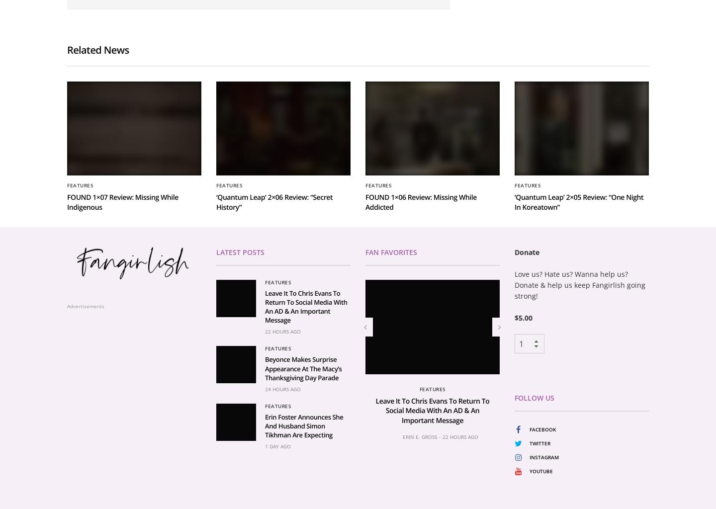 This screenshot has width=716, height=509. What do you see at coordinates (420, 319) in the screenshot?
I see `'FOUND 1×06 Review: Missing While Addicted'` at bounding box center [420, 319].